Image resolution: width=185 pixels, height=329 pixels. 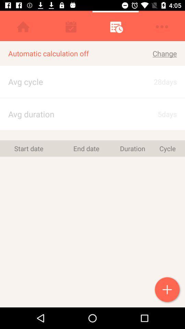 I want to click on item next to duration icon, so click(x=86, y=148).